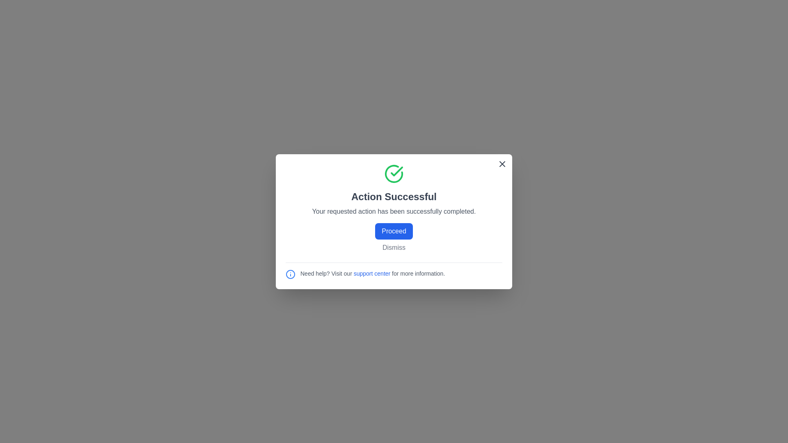 The height and width of the screenshot is (443, 788). What do you see at coordinates (396, 171) in the screenshot?
I see `the checkmark icon in a circle, which indicates success or confirmation, located centrally above the text 'Action Successful' in the modal dialog` at bounding box center [396, 171].